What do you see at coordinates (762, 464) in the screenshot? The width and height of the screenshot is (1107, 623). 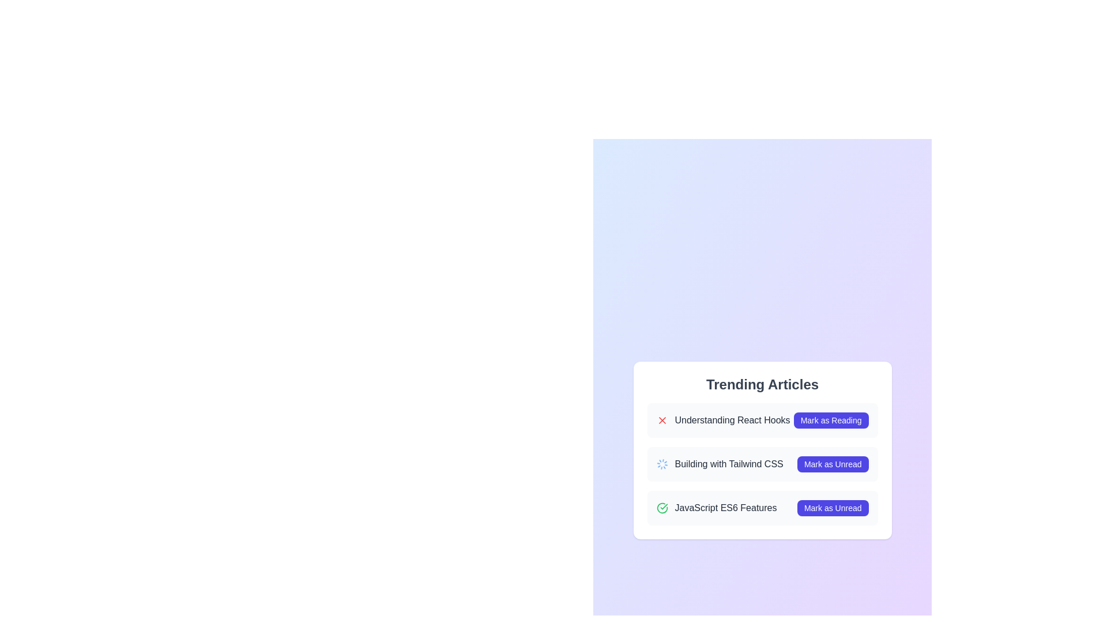 I see `title text 'Building with Tailwind CSS' from the second item in the 'Trending Articles' list, which features a blue animated spinner icon and a 'Mark as Unread' button` at bounding box center [762, 464].